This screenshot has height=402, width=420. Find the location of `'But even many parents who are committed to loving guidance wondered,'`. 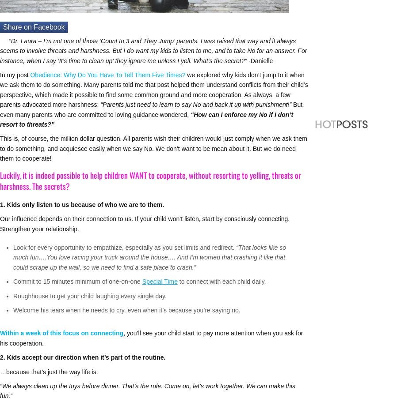

'But even many parents who are committed to loving guidance wondered,' is located at coordinates (151, 109).